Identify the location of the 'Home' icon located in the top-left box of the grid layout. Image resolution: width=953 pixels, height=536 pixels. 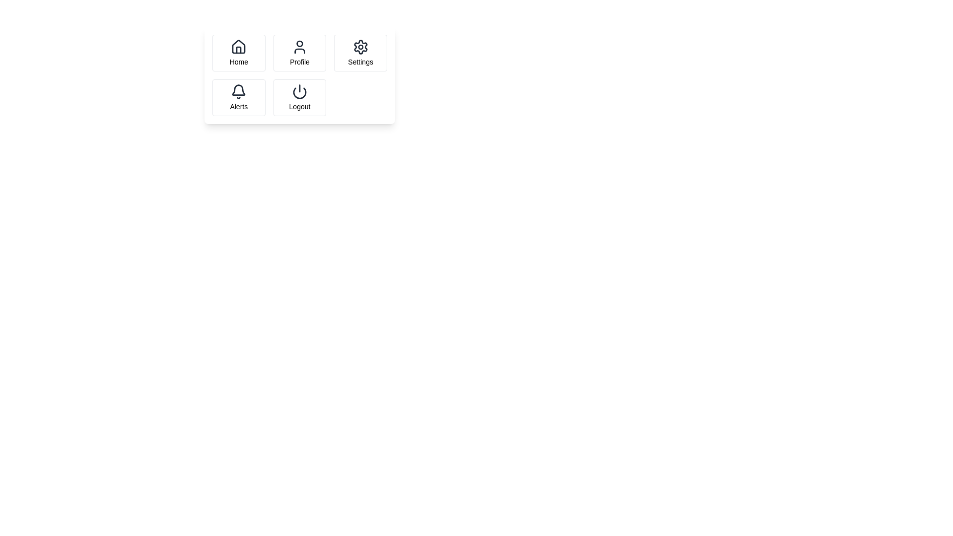
(239, 47).